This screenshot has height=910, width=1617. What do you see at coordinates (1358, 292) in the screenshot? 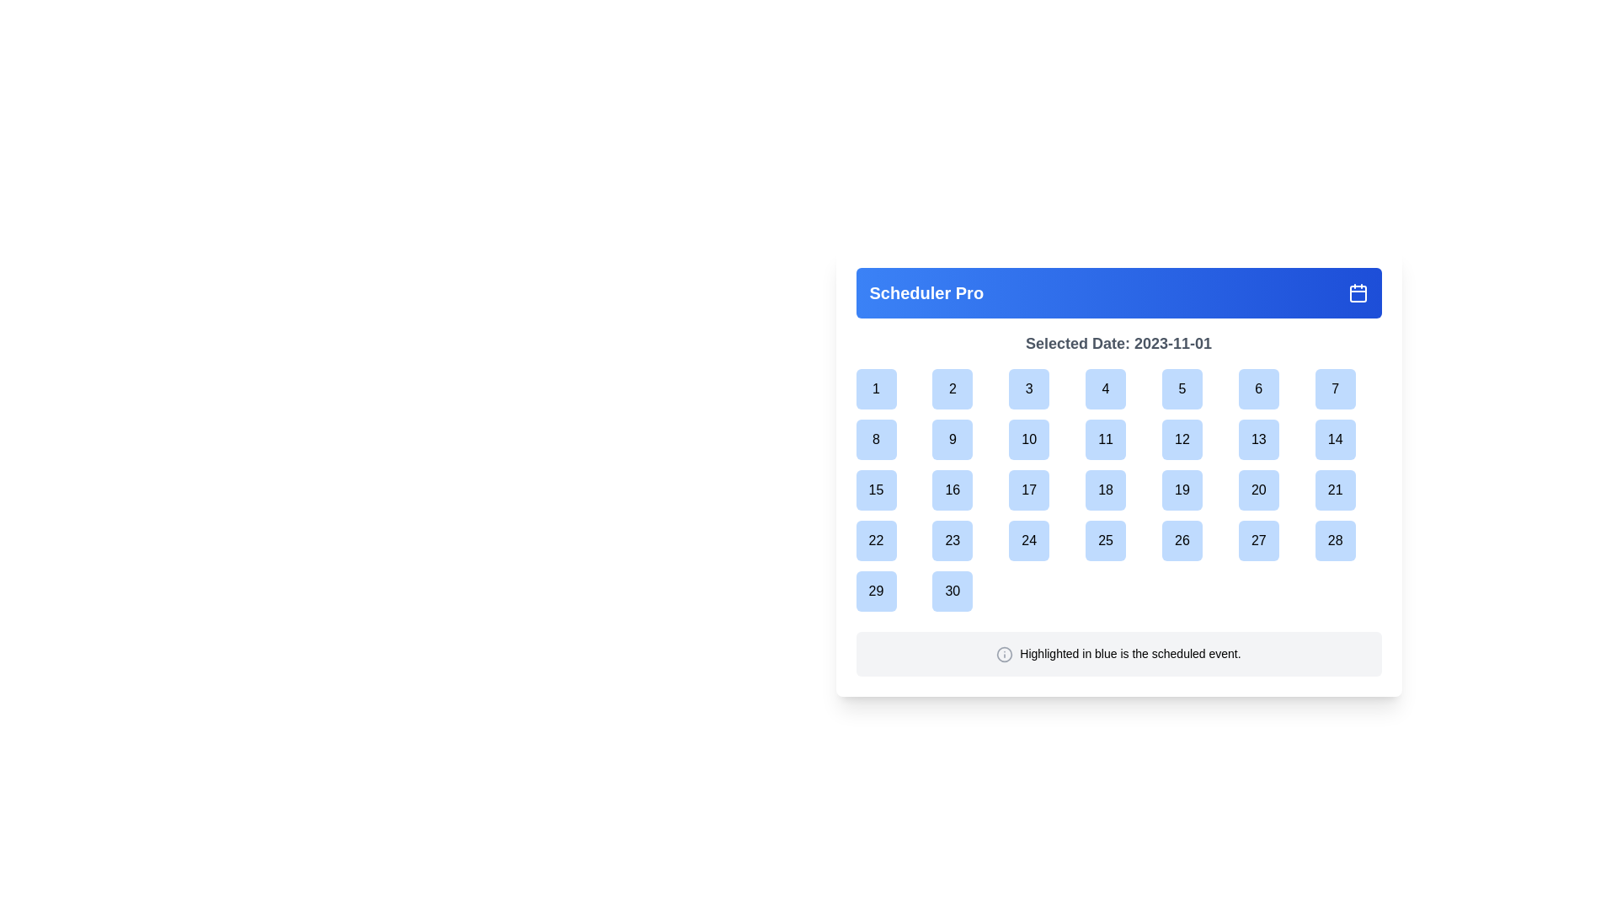
I see `the rectangular component with rounded corners within the calendar icon located in the top-right corner of the blue header to interact with the calendar features` at bounding box center [1358, 292].